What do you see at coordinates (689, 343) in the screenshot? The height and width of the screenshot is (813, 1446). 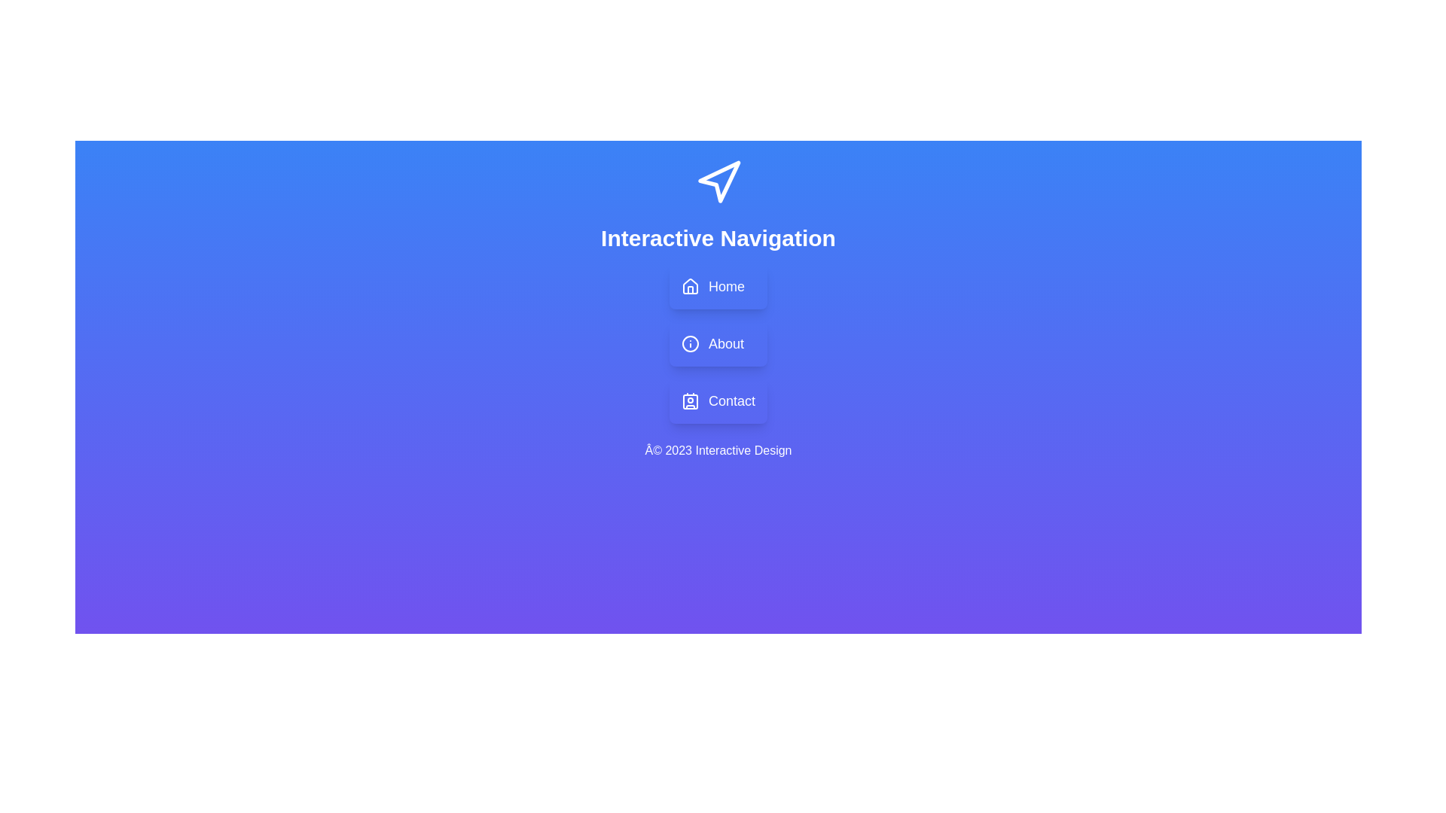 I see `the circular information icon located centrally within the 'About' button, which features a minimalistic design and is positioned alongside 'Home' and 'Contact' buttons` at bounding box center [689, 343].